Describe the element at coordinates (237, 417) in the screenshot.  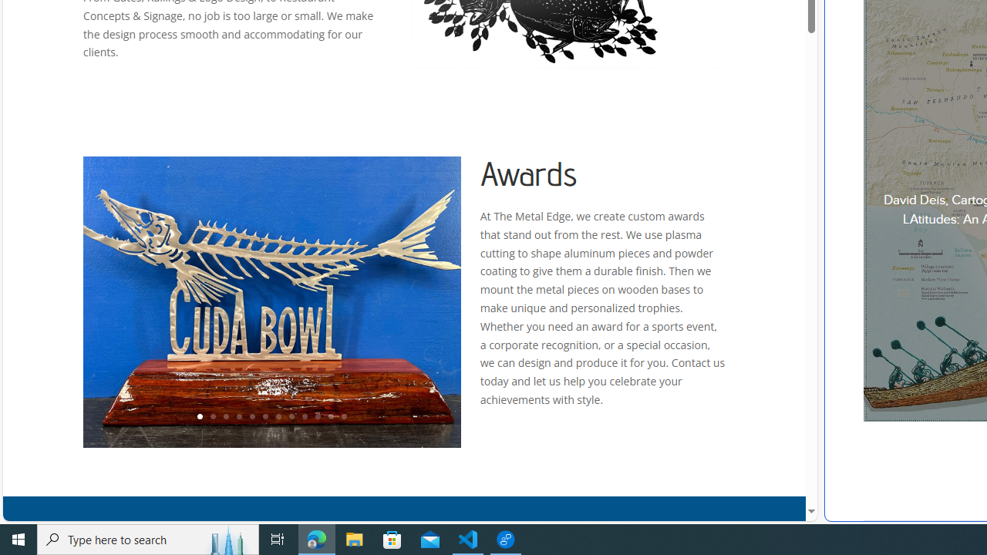
I see `'4'` at that location.